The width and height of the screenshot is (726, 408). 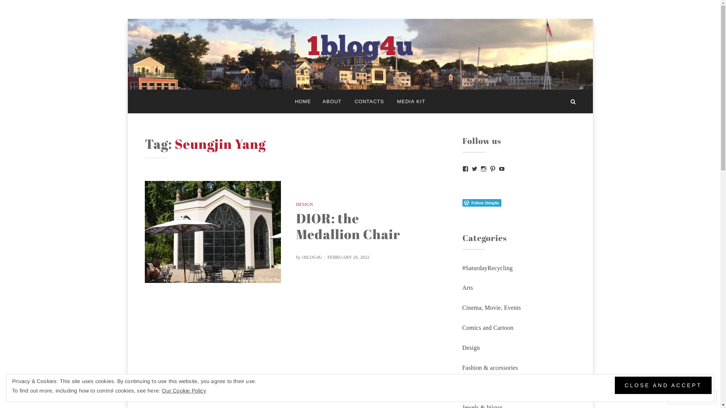 I want to click on 'FEBRUARY 26, 2022', so click(x=347, y=257).